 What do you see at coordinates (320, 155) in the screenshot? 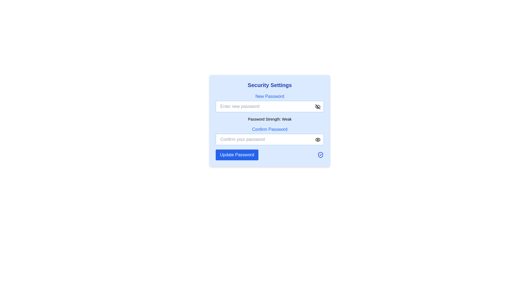
I see `the blue shield-shaped icon with a checkmark inside, positioned next to the 'Update Password' button in the 'Security Settings' box` at bounding box center [320, 155].